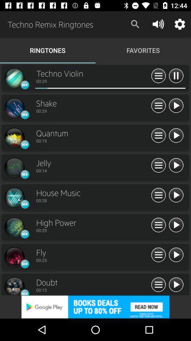 The height and width of the screenshot is (341, 191). What do you see at coordinates (158, 76) in the screenshot?
I see `click pause button` at bounding box center [158, 76].